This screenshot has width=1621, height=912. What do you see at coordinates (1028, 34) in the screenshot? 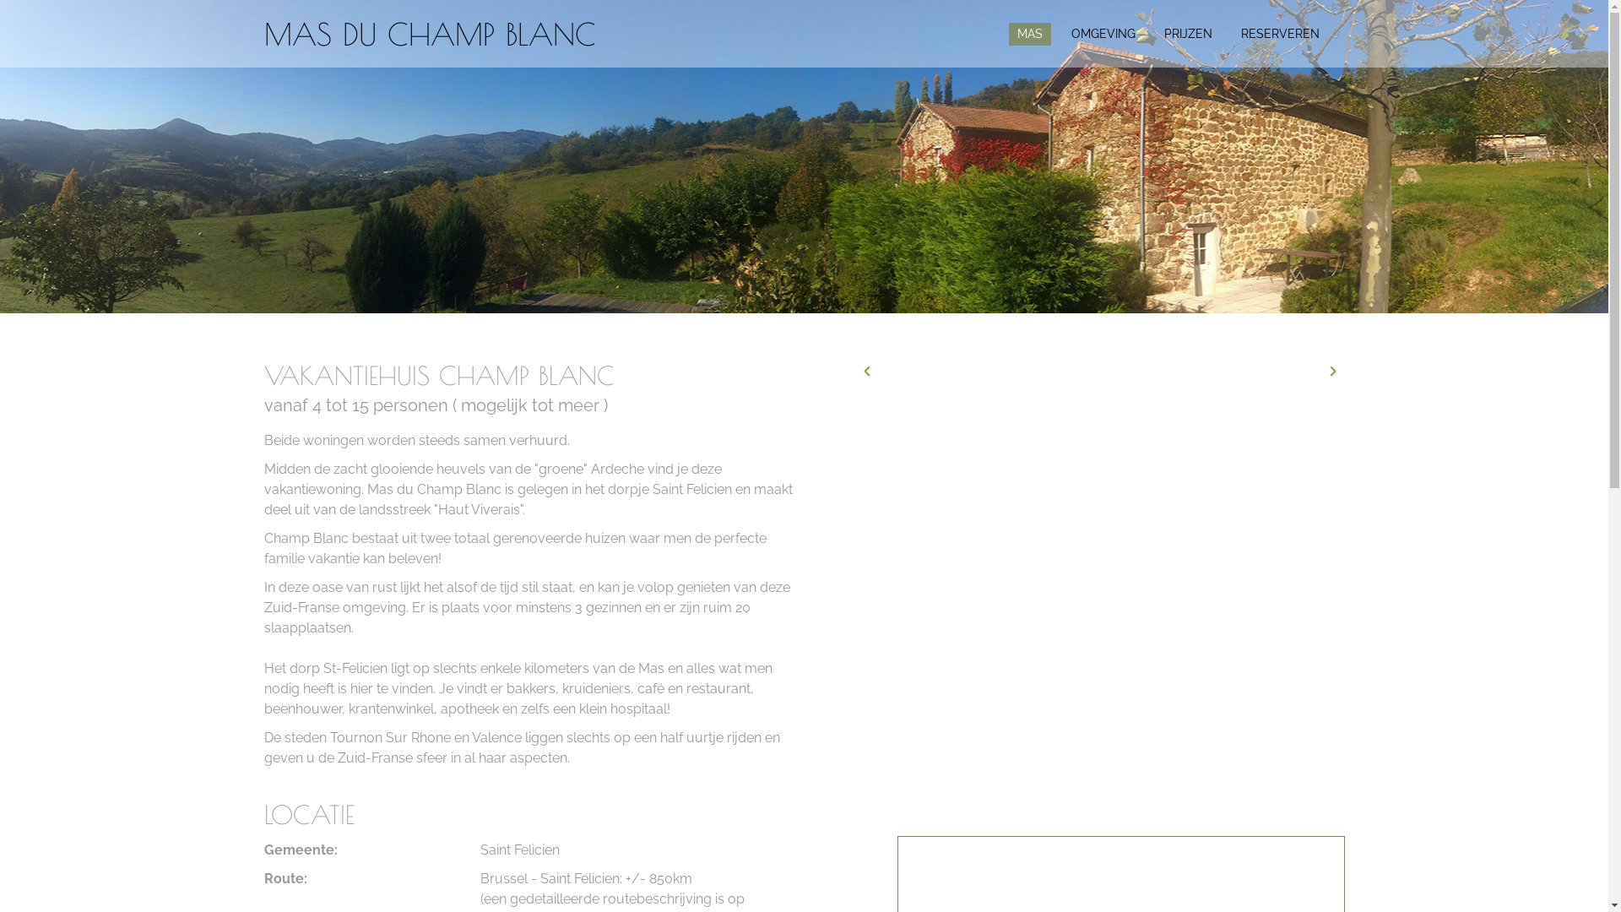
I see `'MAS'` at bounding box center [1028, 34].